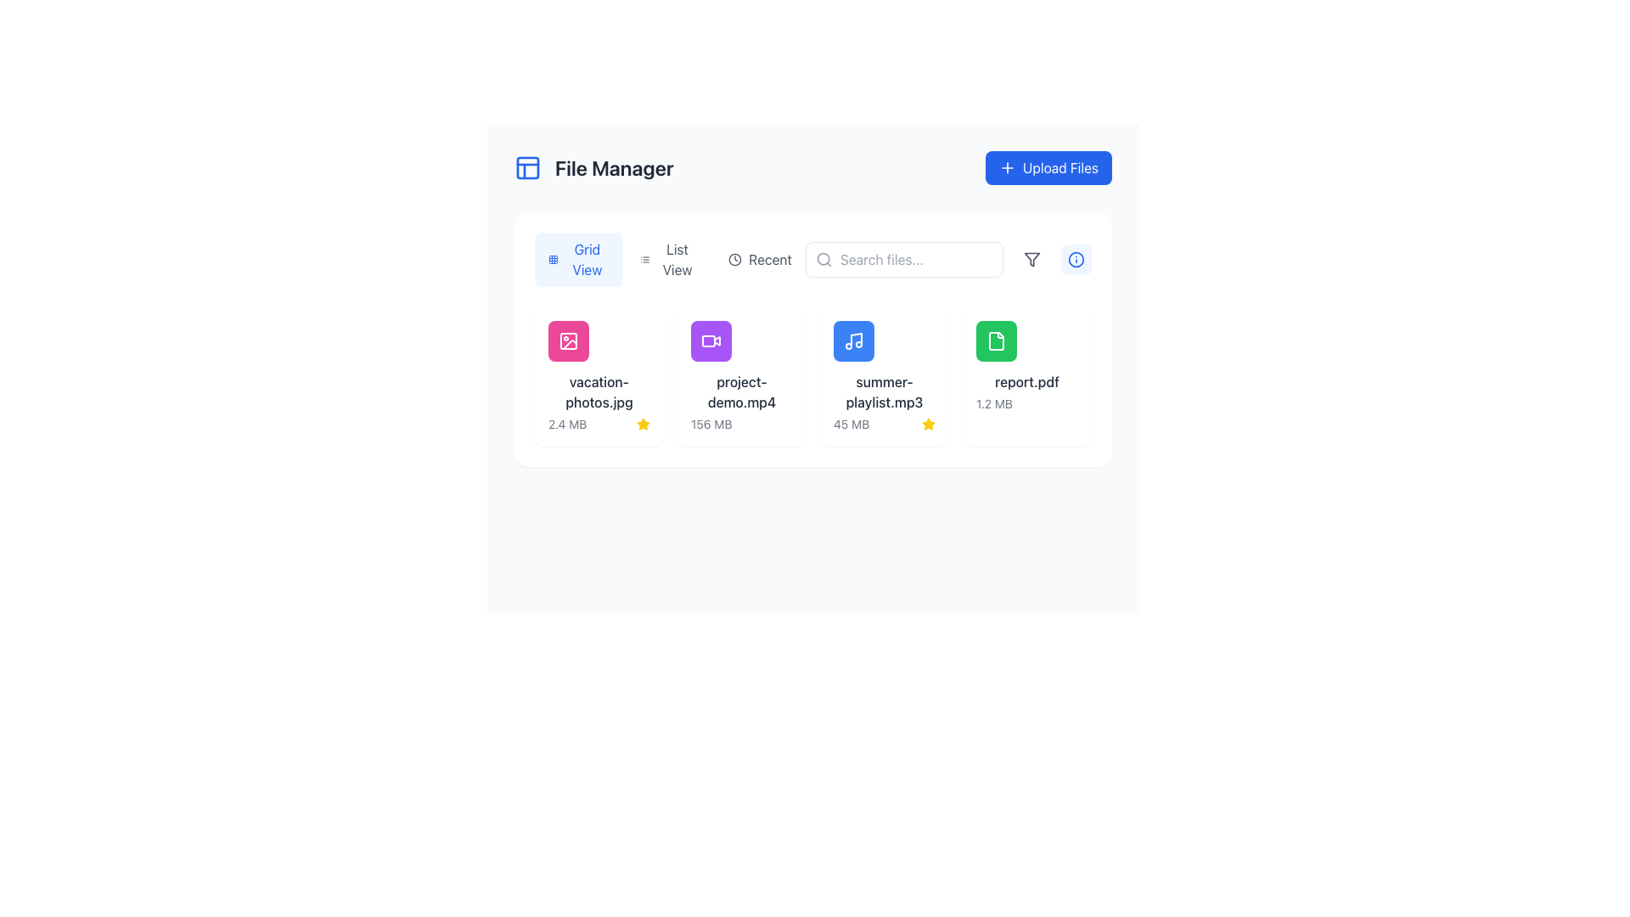 Image resolution: width=1630 pixels, height=917 pixels. I want to click on the green file icon representing a document, which is located in the fourth position of the grid layout in the file manager, directly below the 'Upload Files' button, so click(997, 340).